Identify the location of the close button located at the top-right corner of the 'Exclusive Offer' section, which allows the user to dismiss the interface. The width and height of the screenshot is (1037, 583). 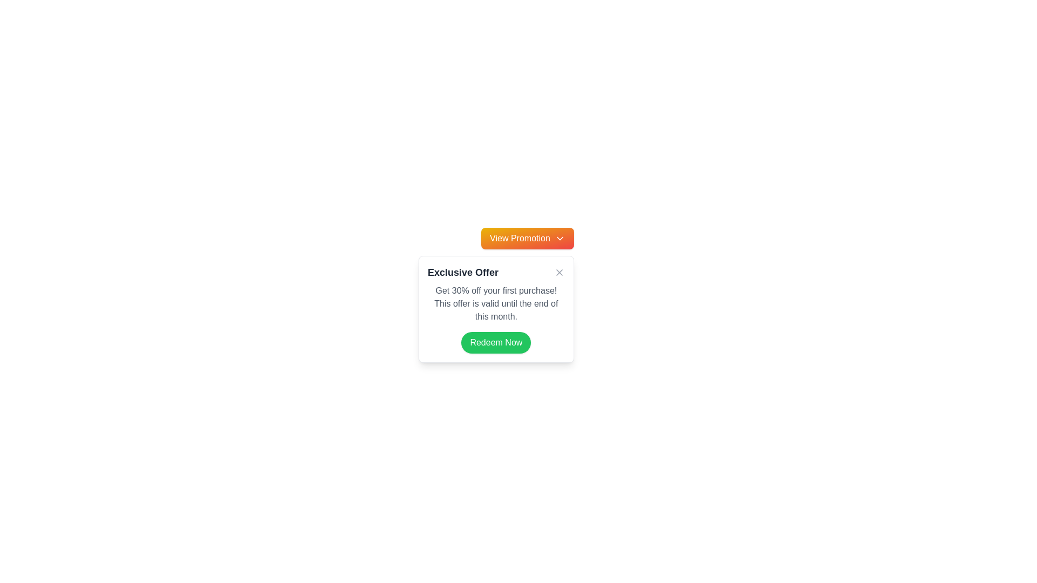
(559, 272).